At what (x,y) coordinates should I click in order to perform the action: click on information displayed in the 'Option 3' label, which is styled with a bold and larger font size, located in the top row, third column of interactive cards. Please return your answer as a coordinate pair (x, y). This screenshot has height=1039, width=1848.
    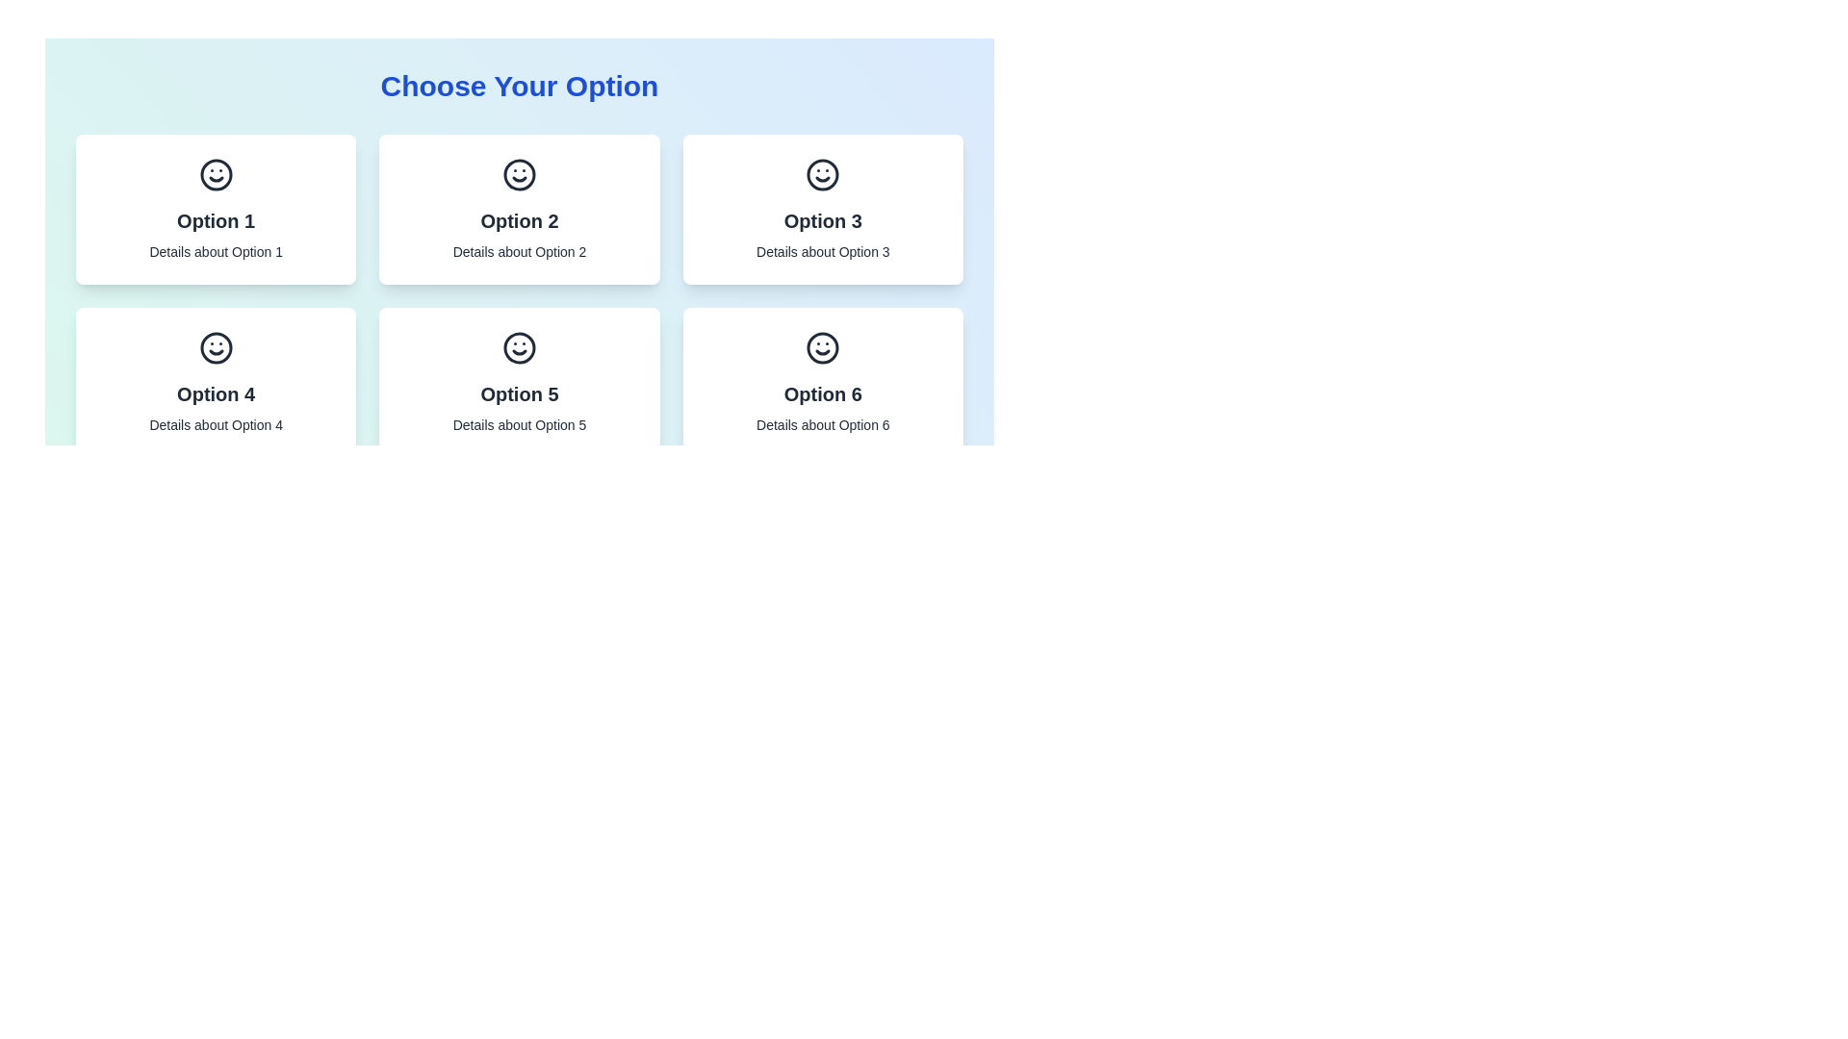
    Looking at the image, I should click on (823, 220).